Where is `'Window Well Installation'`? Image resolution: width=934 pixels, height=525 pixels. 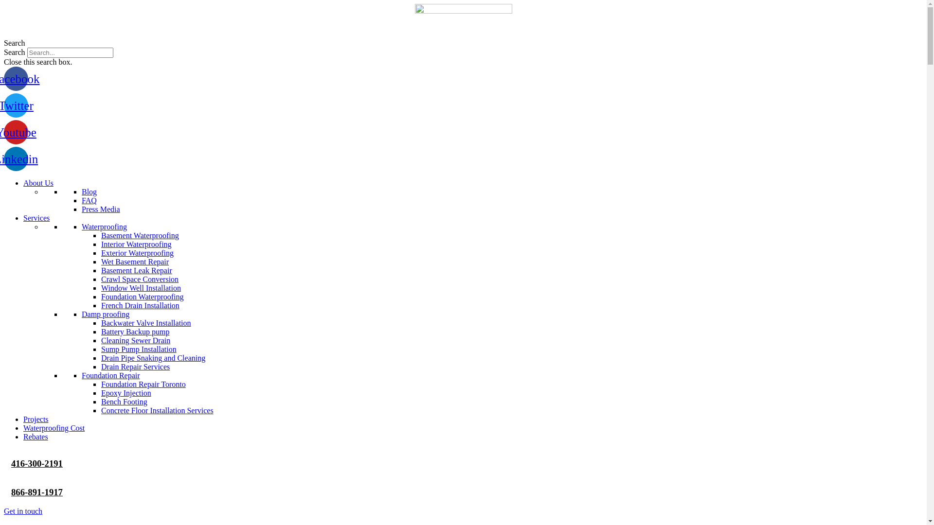
'Window Well Installation' is located at coordinates (101, 287).